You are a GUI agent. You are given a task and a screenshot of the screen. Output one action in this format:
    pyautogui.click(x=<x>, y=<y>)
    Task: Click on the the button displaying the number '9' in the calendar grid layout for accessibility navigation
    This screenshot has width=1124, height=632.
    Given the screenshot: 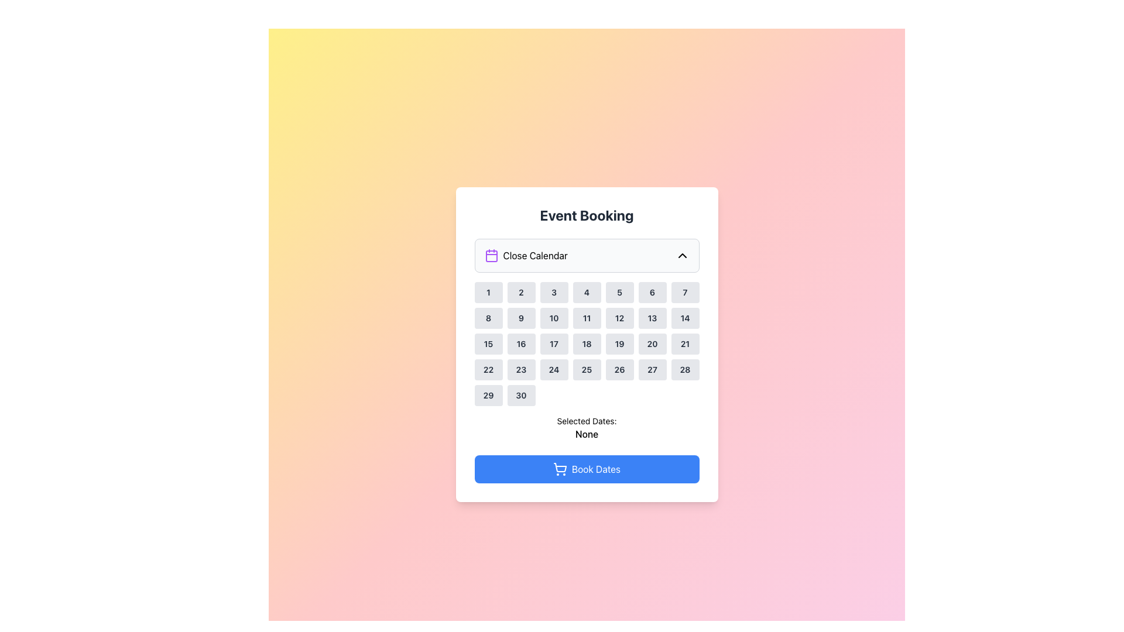 What is the action you would take?
    pyautogui.click(x=520, y=318)
    